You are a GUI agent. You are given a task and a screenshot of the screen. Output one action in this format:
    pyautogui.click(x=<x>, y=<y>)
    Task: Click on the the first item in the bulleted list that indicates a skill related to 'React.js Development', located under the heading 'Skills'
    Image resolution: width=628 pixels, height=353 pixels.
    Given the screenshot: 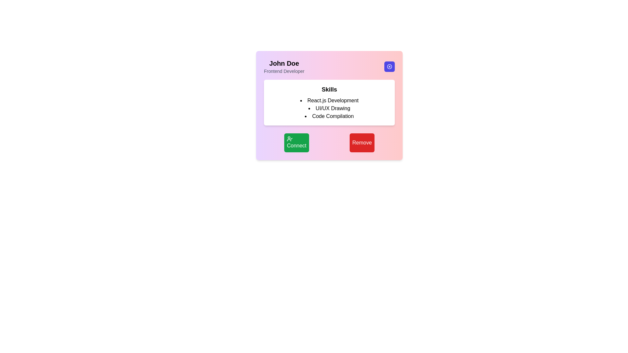 What is the action you would take?
    pyautogui.click(x=329, y=101)
    